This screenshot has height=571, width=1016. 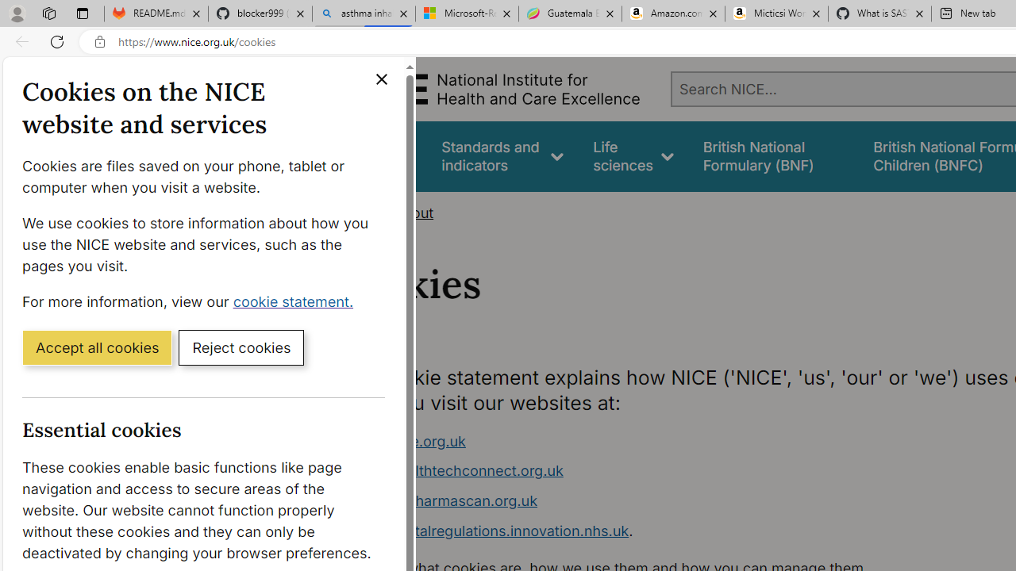 What do you see at coordinates (456, 470) in the screenshot?
I see `'www.healthtechconnect.org.uk'` at bounding box center [456, 470].